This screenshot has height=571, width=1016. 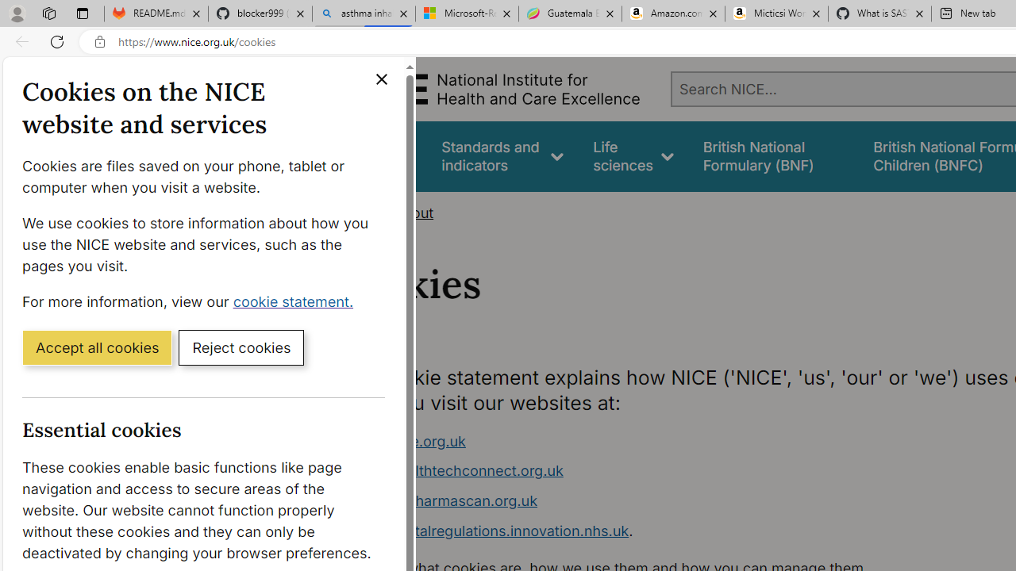 What do you see at coordinates (456, 470) in the screenshot?
I see `'www.healthtechconnect.org.uk'` at bounding box center [456, 470].